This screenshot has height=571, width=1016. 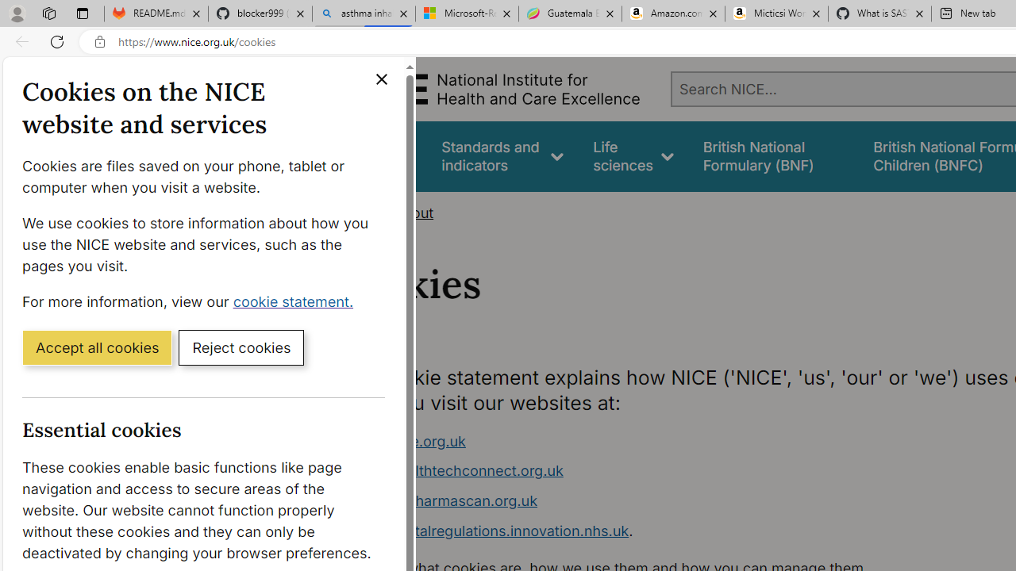 What do you see at coordinates (456, 470) in the screenshot?
I see `'www.healthtechconnect.org.uk'` at bounding box center [456, 470].